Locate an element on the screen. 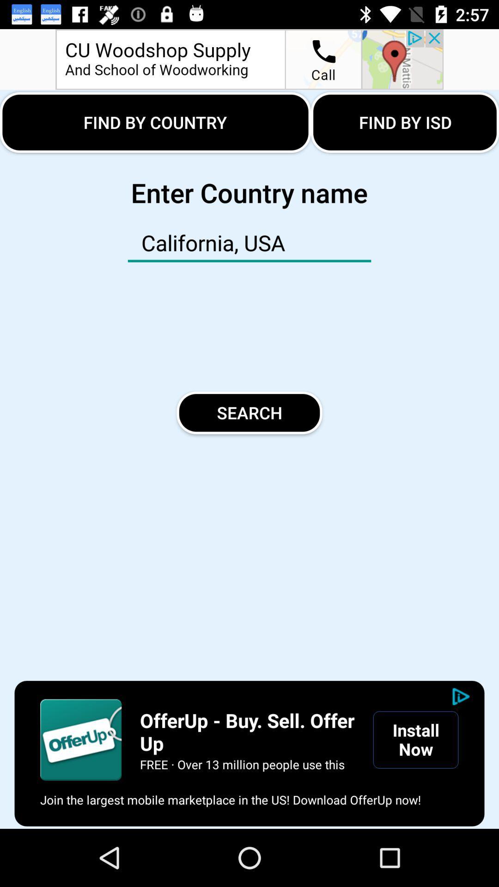 Image resolution: width=499 pixels, height=887 pixels. google advertisements is located at coordinates (80, 740).